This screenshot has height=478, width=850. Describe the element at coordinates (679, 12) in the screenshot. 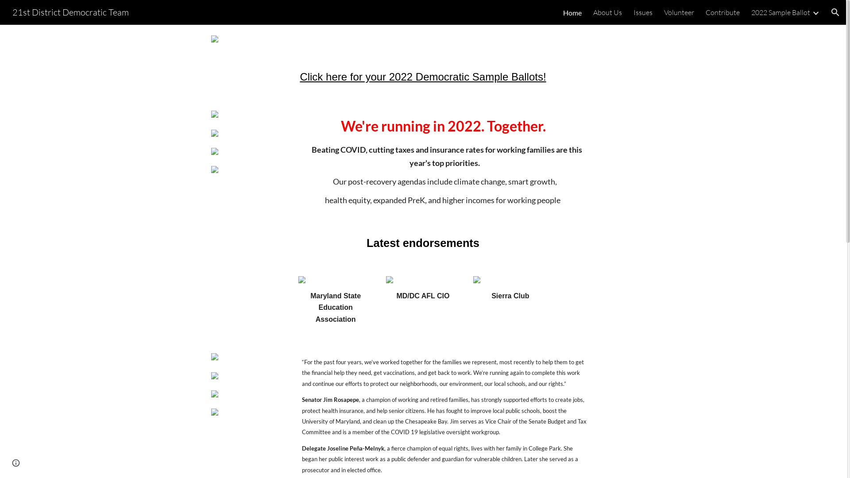

I see `'Volunteer'` at that location.